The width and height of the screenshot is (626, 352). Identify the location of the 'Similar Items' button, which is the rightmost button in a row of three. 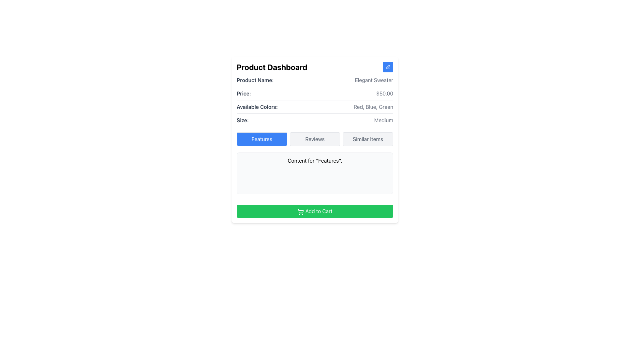
(368, 139).